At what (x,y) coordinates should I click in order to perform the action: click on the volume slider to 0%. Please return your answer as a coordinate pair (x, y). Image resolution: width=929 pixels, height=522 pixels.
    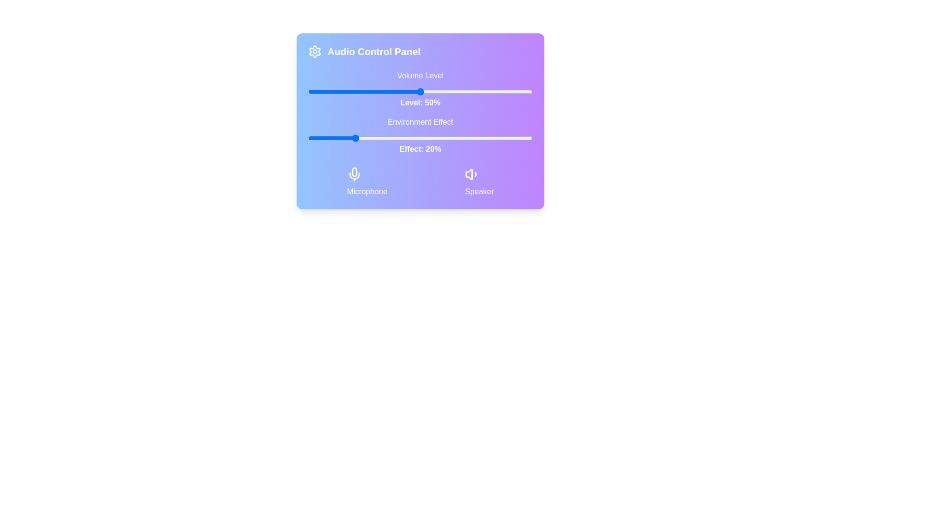
    Looking at the image, I should click on (308, 91).